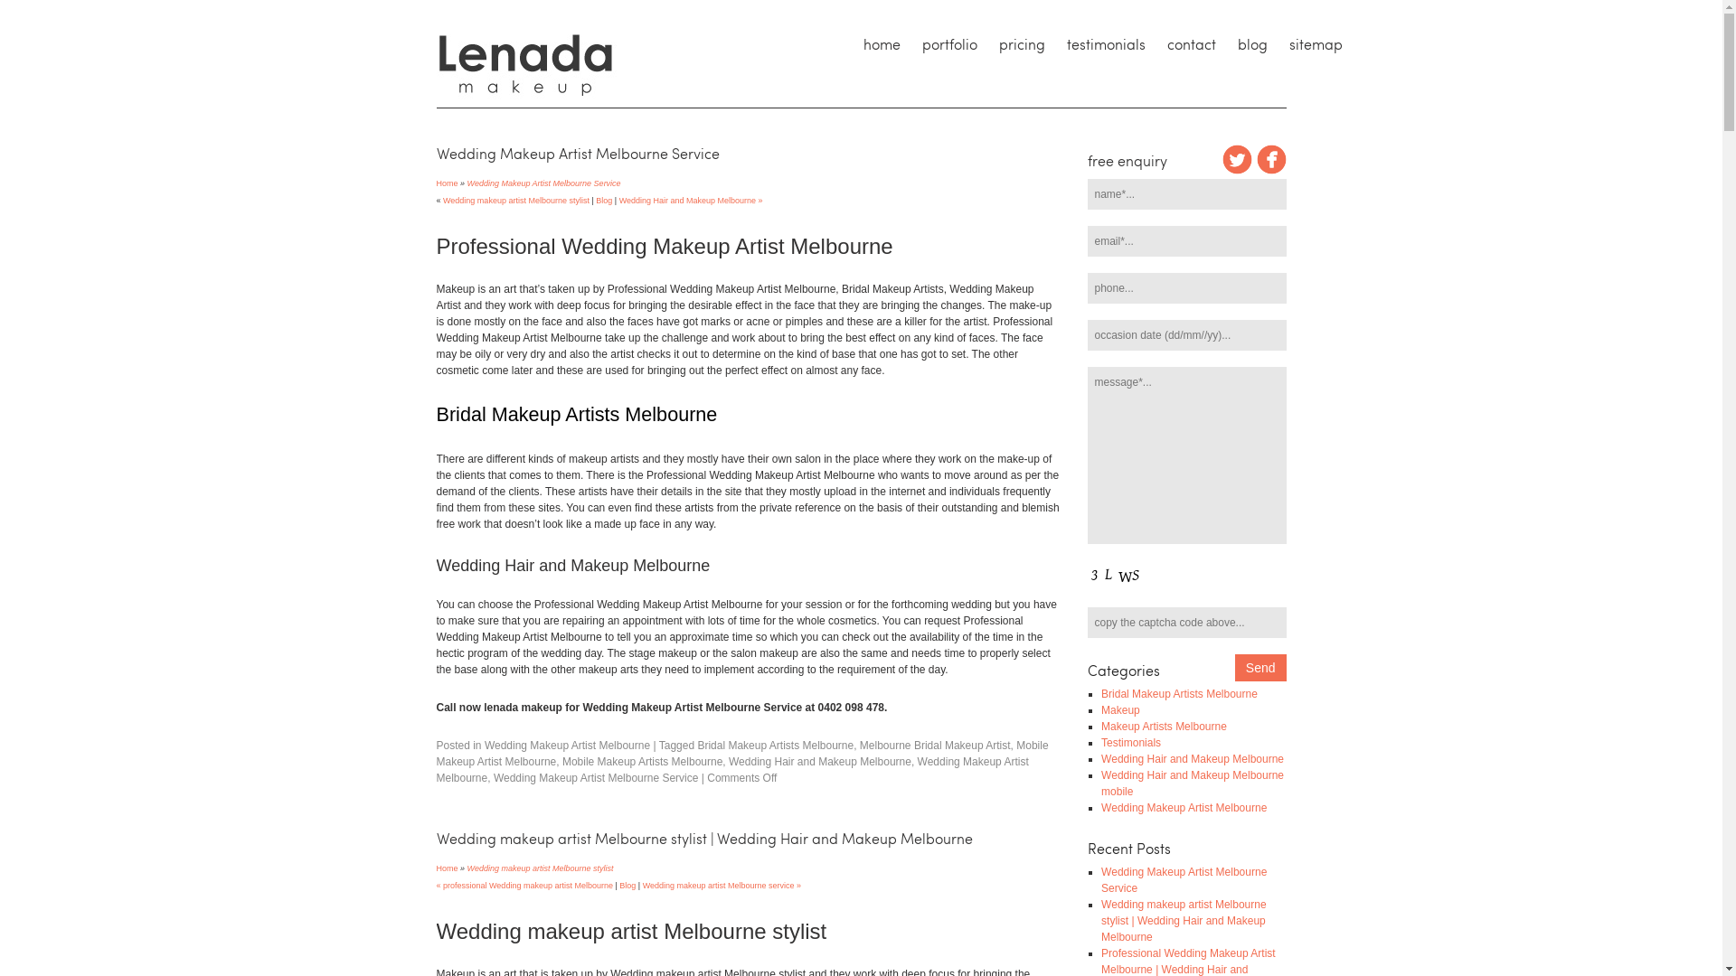  Describe the element at coordinates (881, 43) in the screenshot. I see `'home'` at that location.